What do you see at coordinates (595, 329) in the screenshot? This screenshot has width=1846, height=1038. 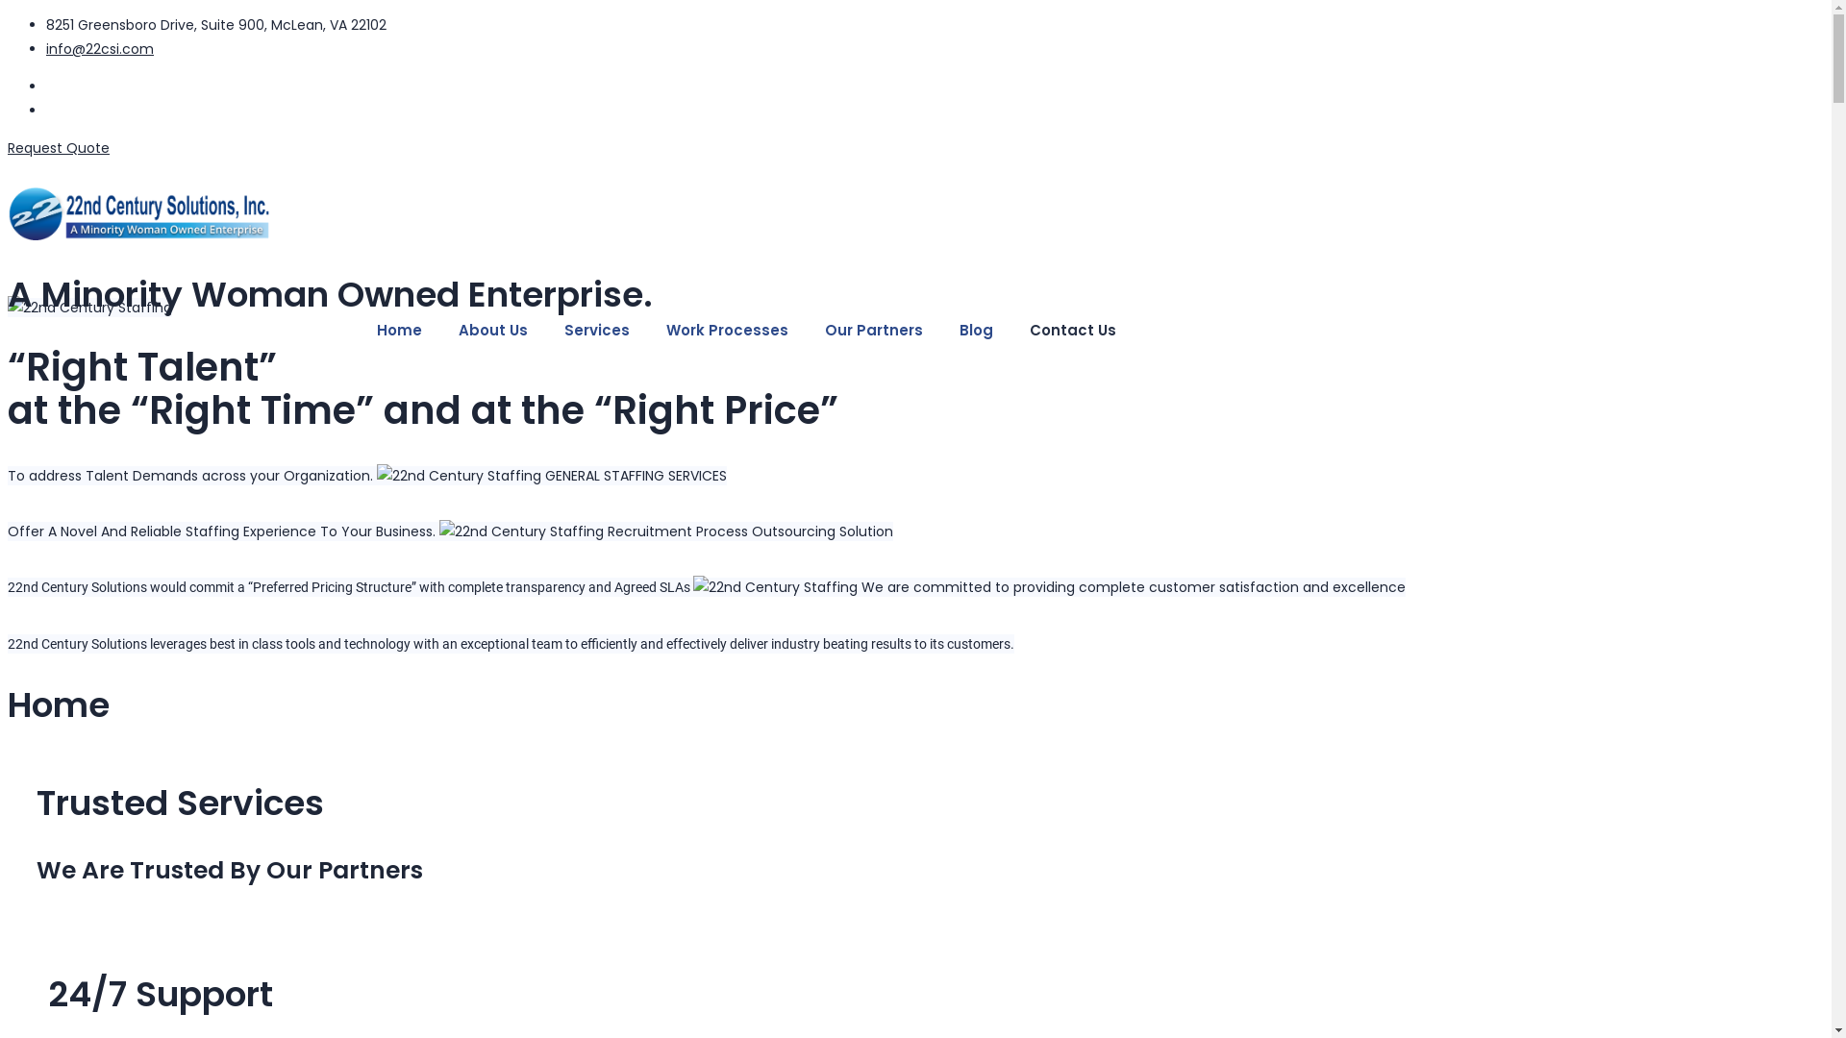 I see `'Services'` at bounding box center [595, 329].